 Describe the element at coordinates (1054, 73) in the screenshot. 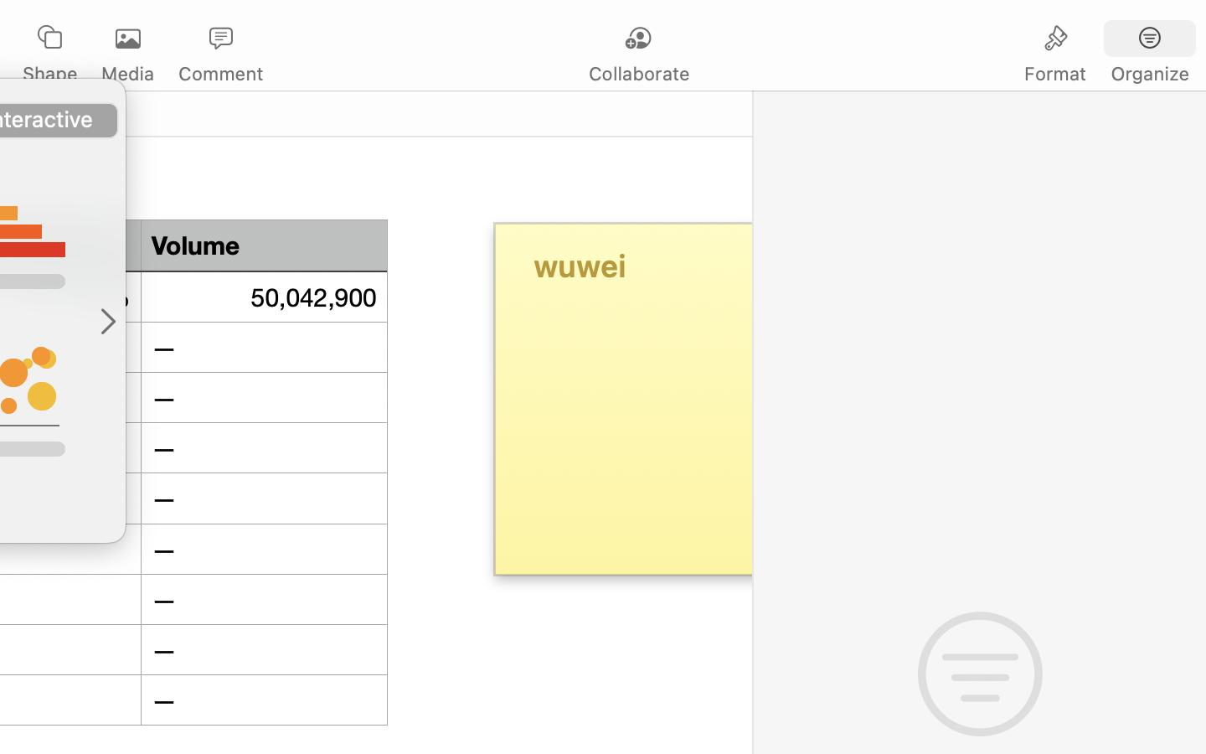

I see `'Format'` at that location.